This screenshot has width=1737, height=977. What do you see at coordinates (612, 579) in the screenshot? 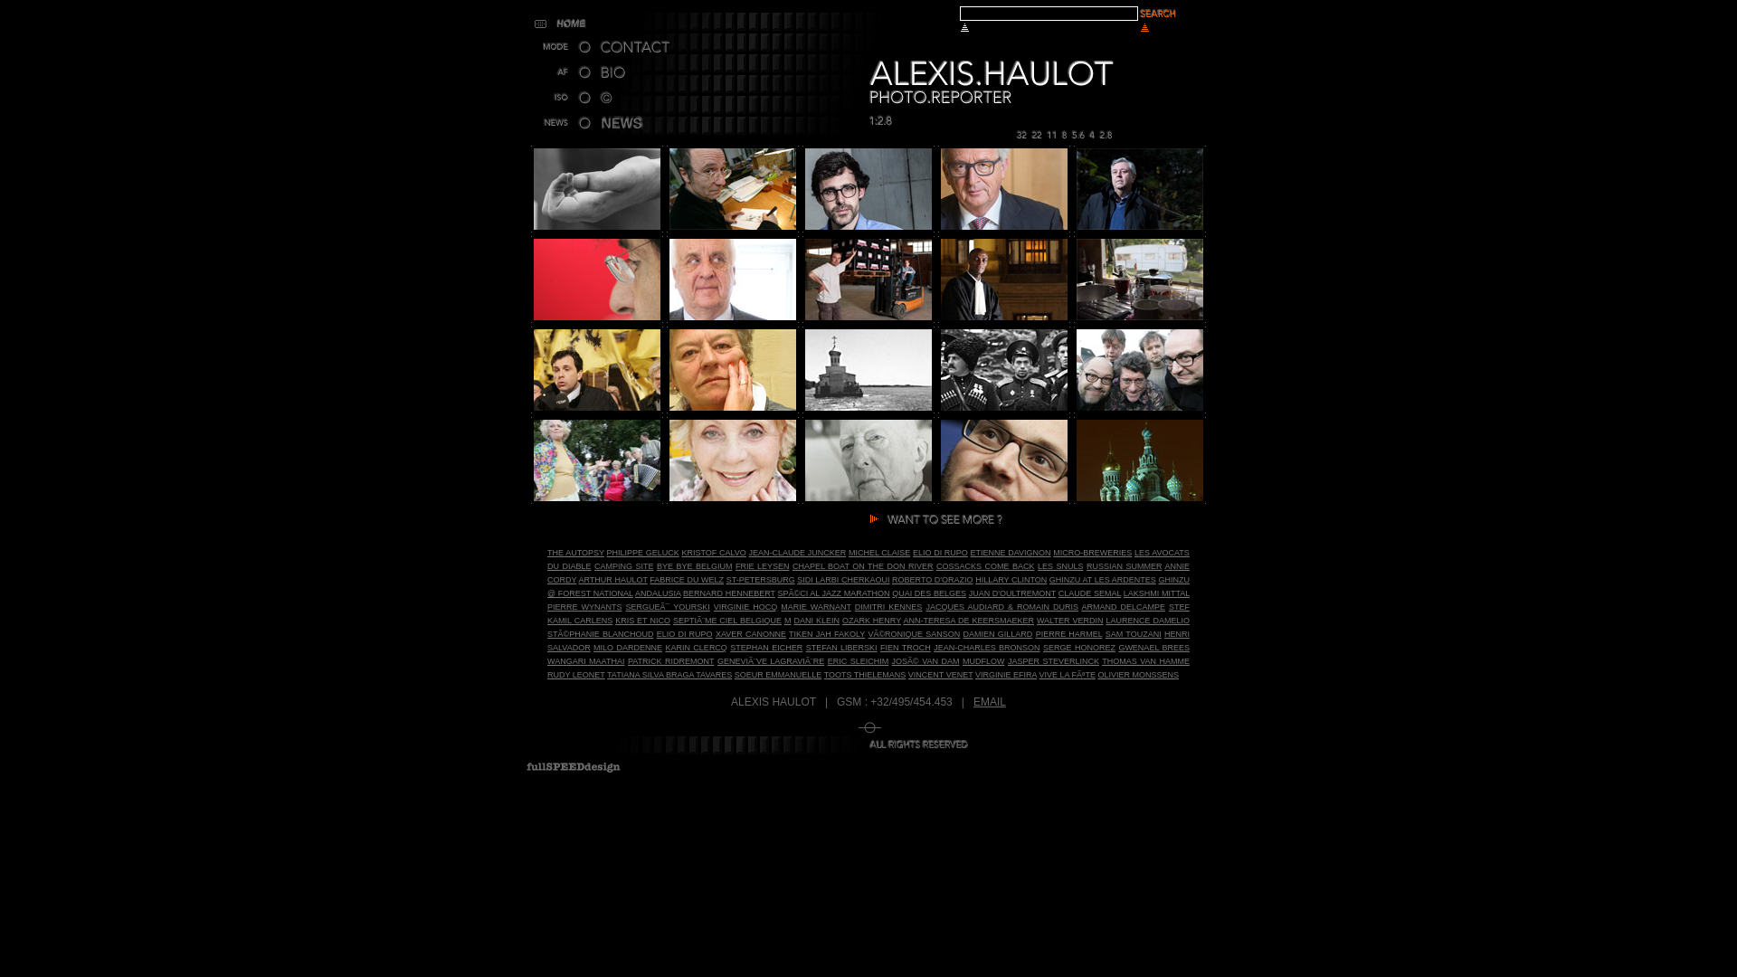
I see `'ARTHUR HAULOT'` at bounding box center [612, 579].